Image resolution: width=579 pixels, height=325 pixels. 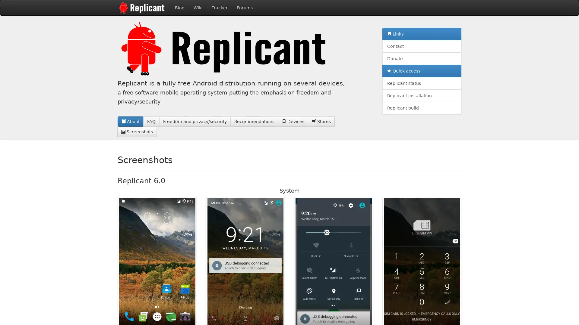 What do you see at coordinates (130, 122) in the screenshot?
I see `About` at bounding box center [130, 122].